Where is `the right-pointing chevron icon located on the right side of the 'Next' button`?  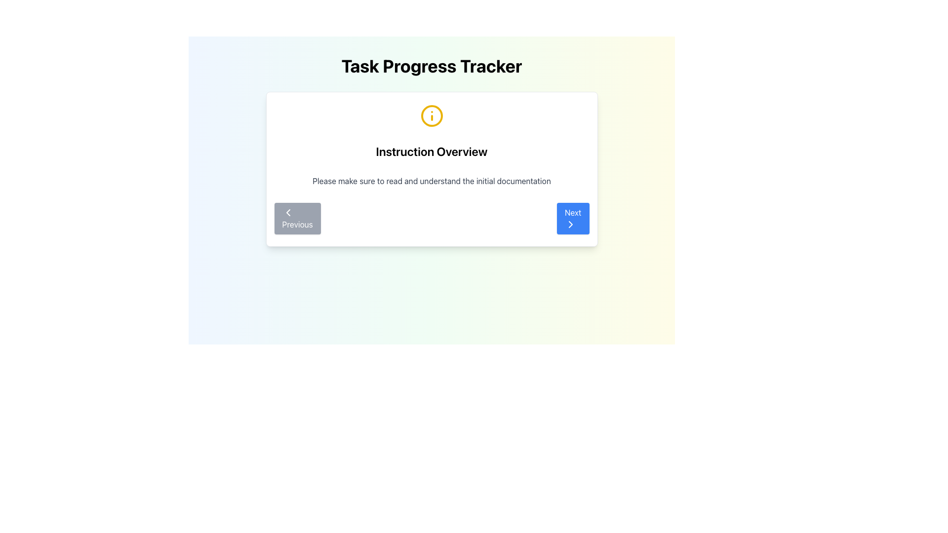 the right-pointing chevron icon located on the right side of the 'Next' button is located at coordinates (570, 225).